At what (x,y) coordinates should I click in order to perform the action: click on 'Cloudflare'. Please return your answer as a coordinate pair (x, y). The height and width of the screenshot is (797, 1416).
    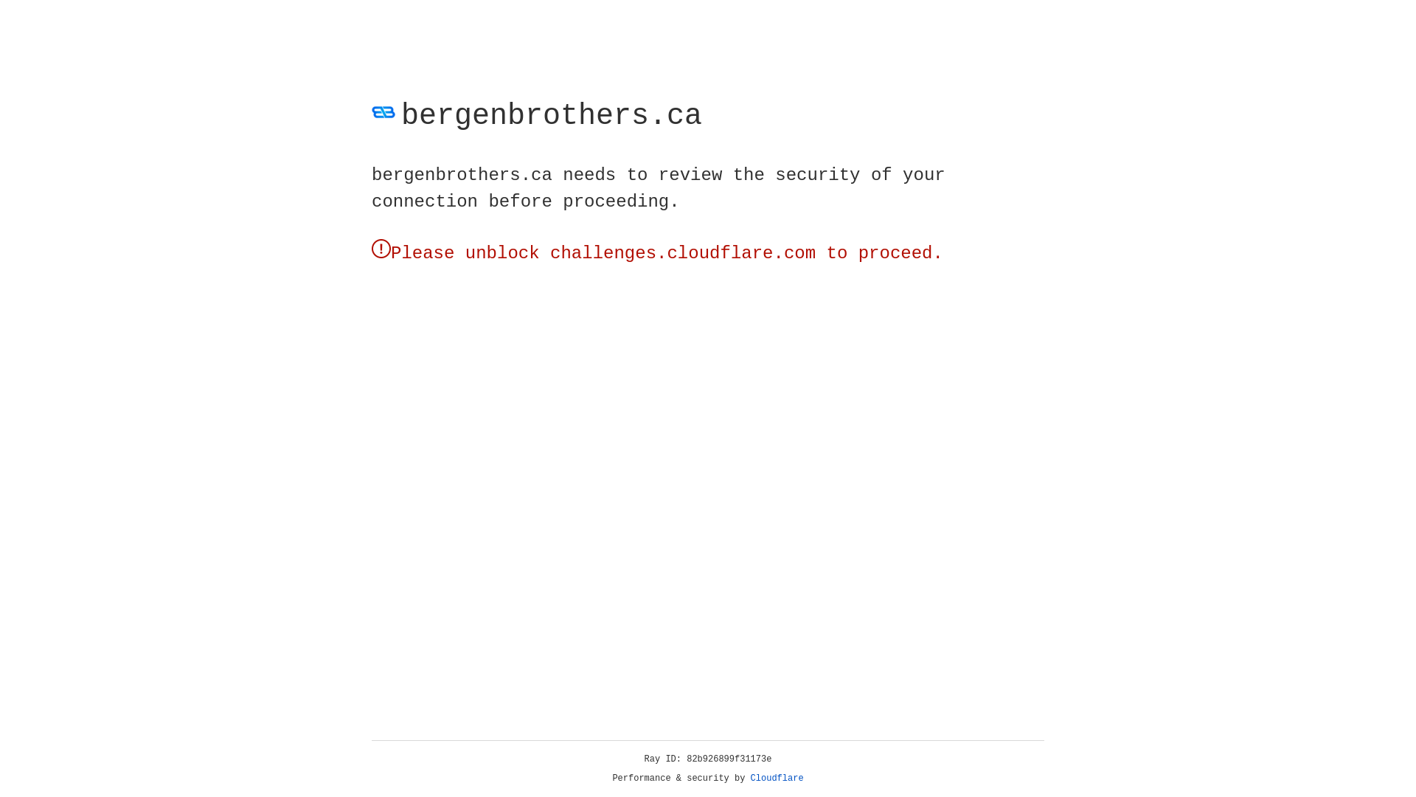
    Looking at the image, I should click on (777, 778).